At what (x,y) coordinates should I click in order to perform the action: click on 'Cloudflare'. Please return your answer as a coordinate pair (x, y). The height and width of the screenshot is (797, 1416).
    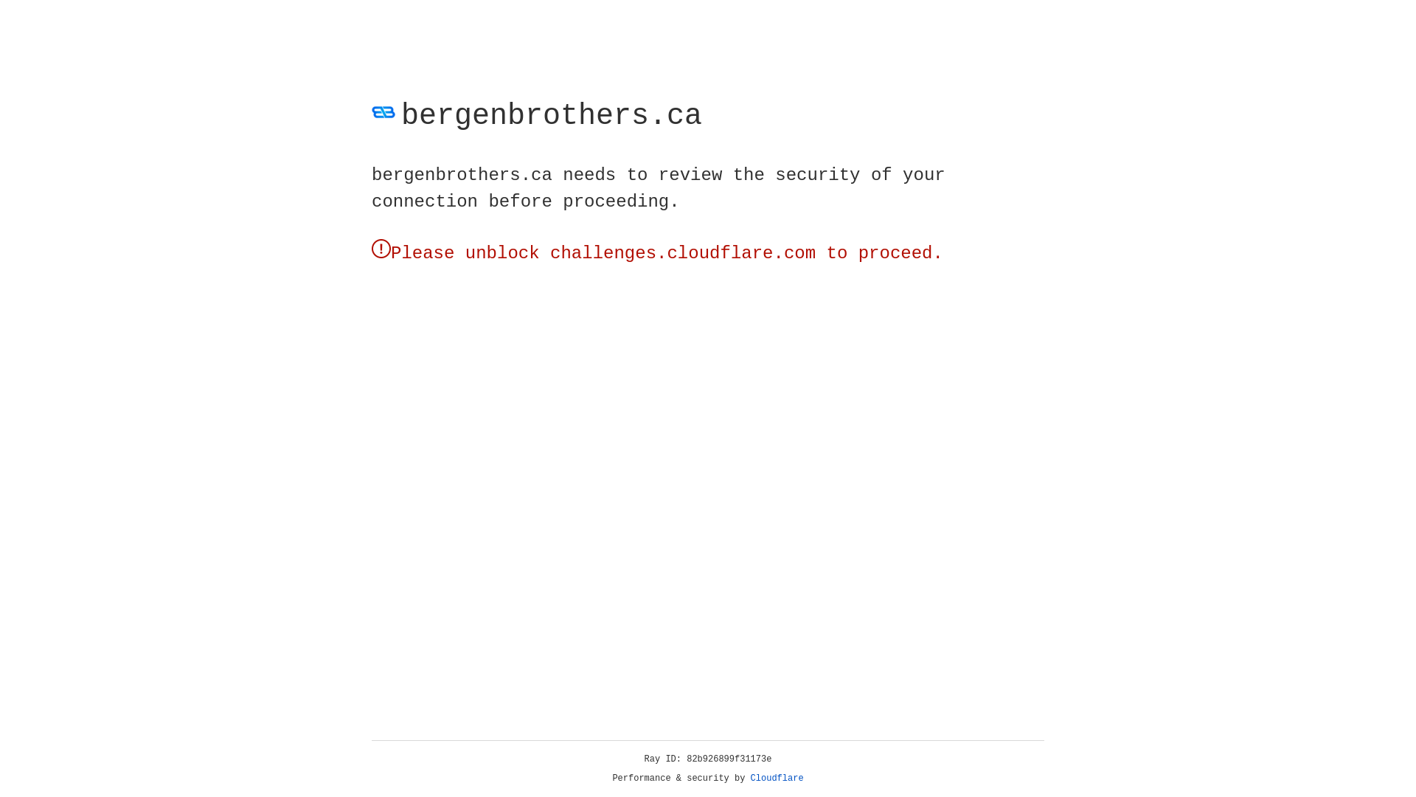
    Looking at the image, I should click on (777, 778).